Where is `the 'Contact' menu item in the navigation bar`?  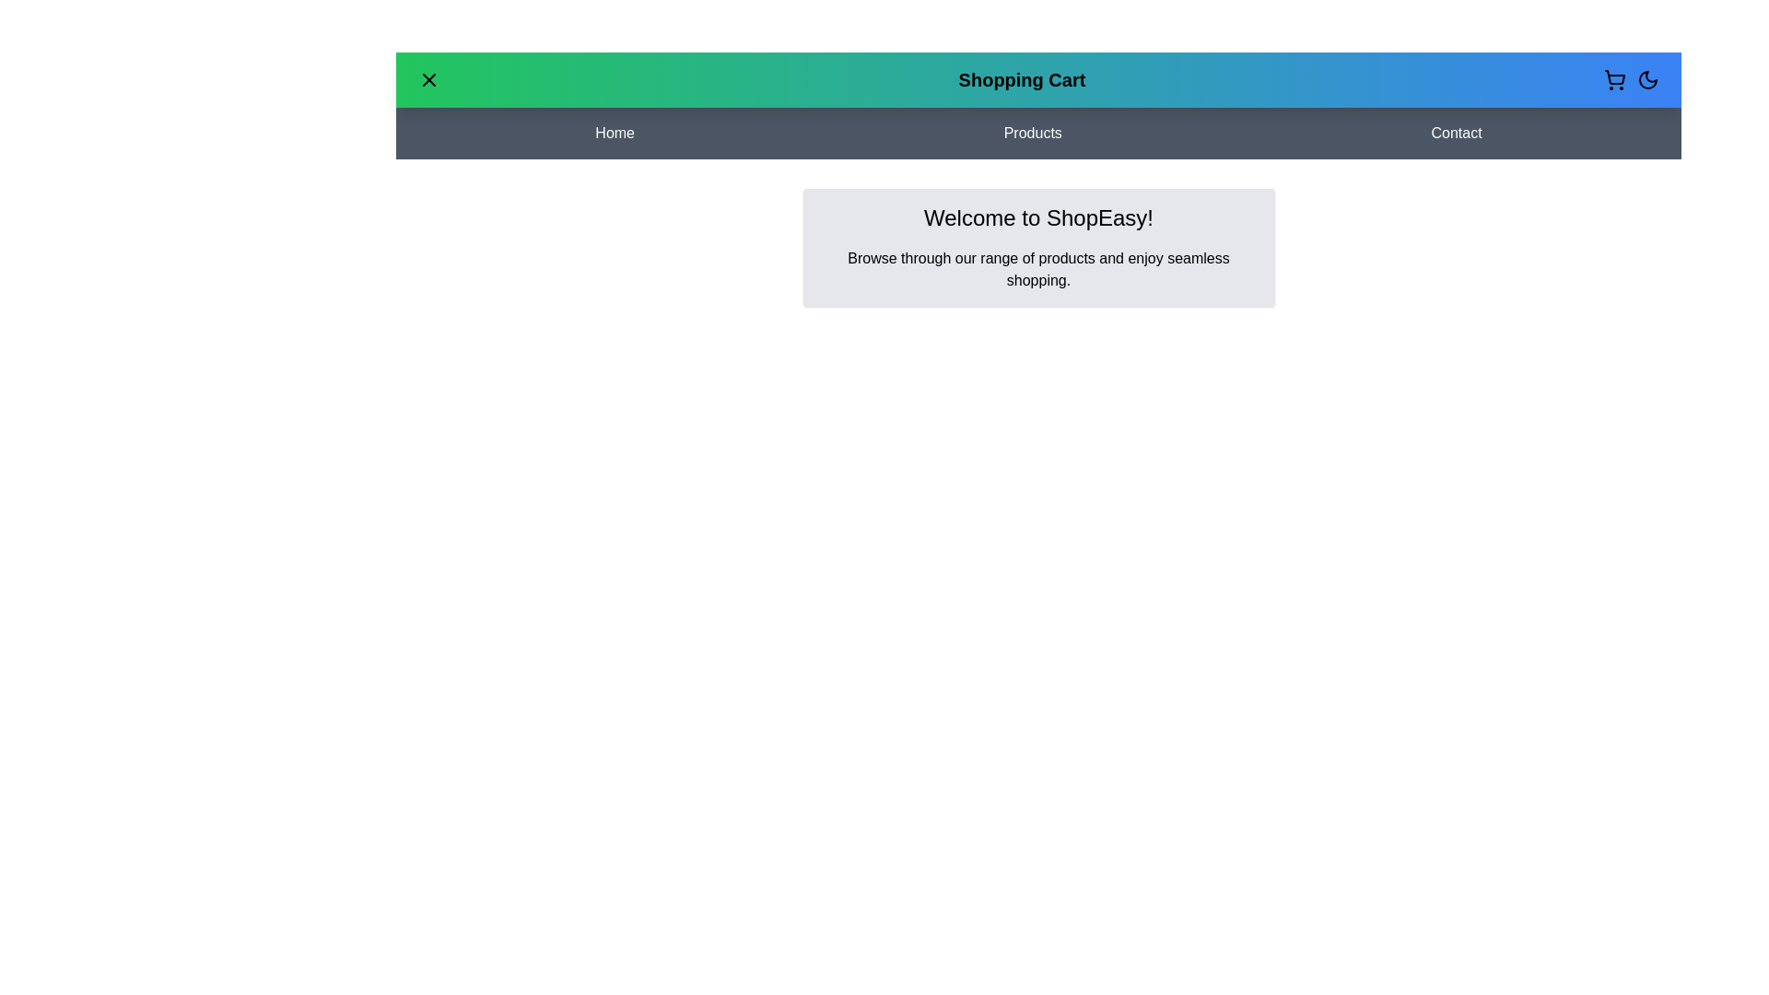 the 'Contact' menu item in the navigation bar is located at coordinates (1455, 133).